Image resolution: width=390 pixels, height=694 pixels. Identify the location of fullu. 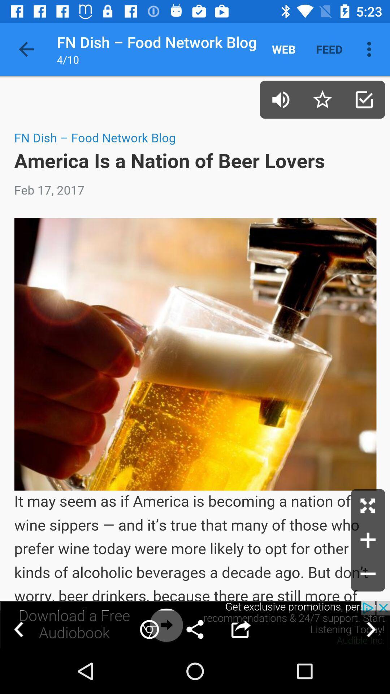
(368, 506).